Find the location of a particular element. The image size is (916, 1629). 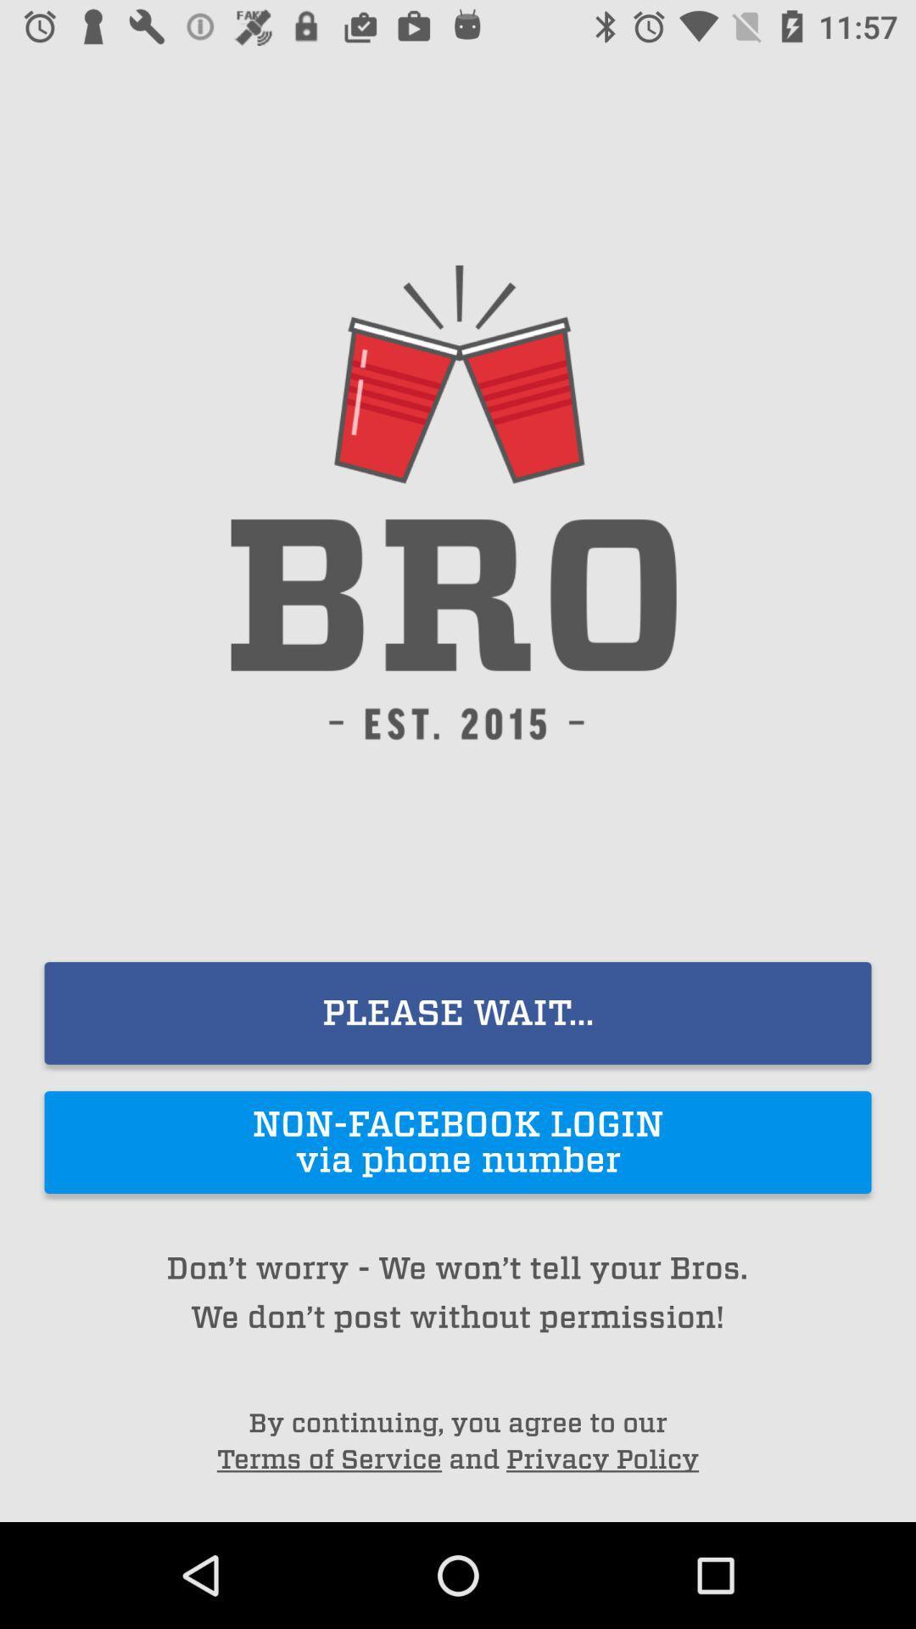

icon to the right of the  and  icon is located at coordinates (601, 1458).